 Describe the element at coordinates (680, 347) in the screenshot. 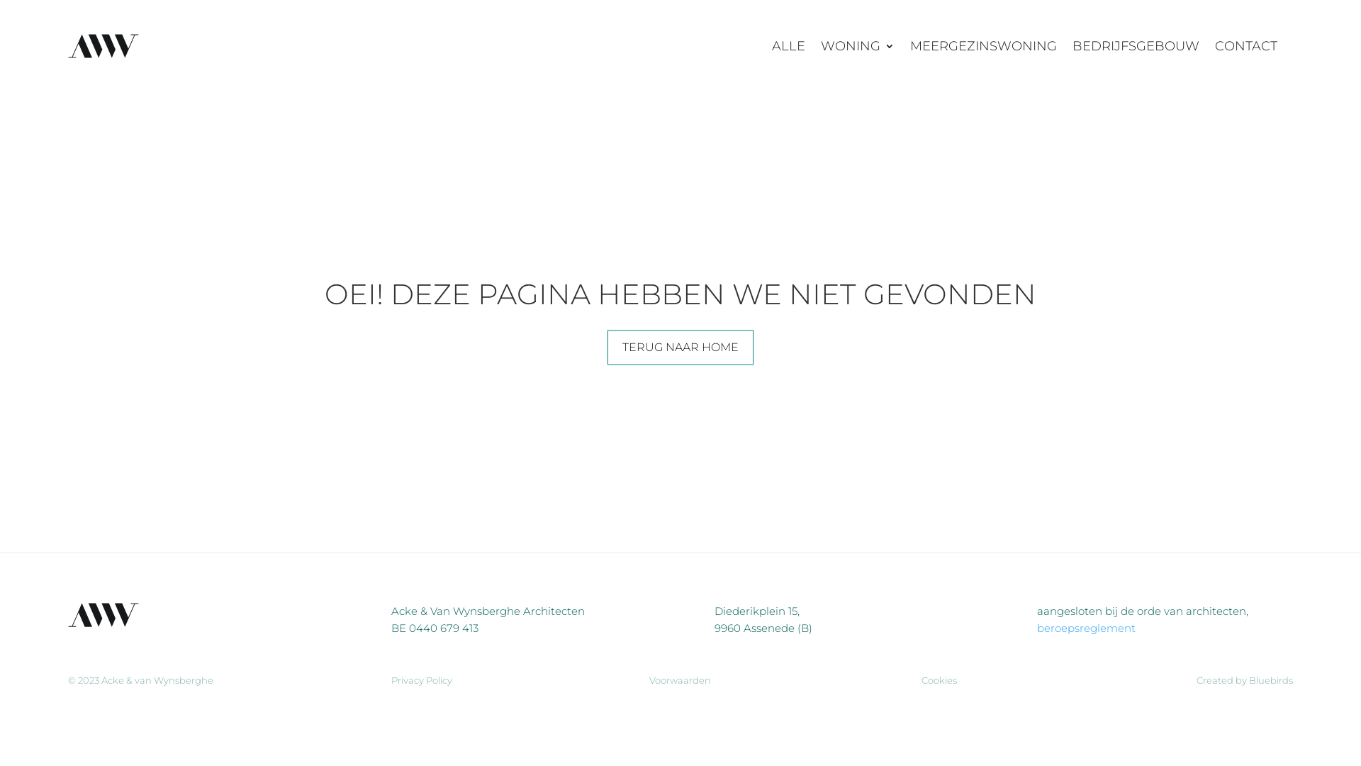

I see `'TERUG NAAR HOME'` at that location.